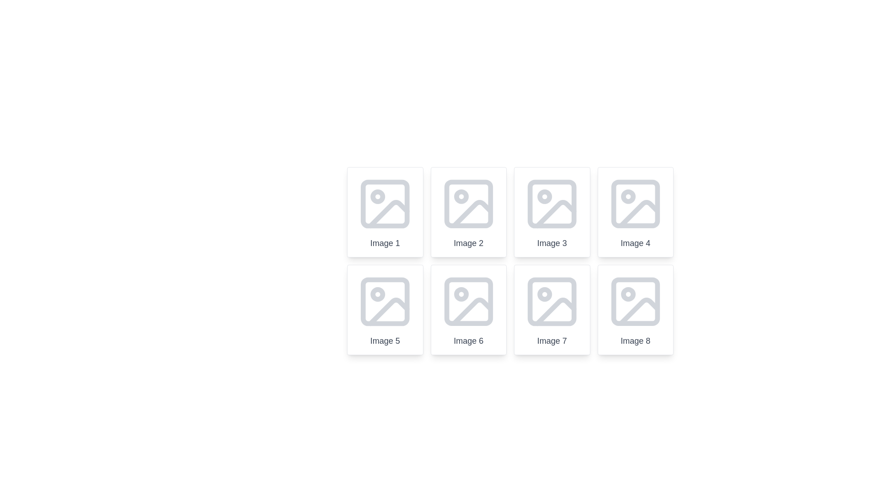 The width and height of the screenshot is (878, 493). What do you see at coordinates (551, 309) in the screenshot?
I see `the Interactive card element located in the second row and third column of a 4x2 grid to trigger visual feedback` at bounding box center [551, 309].